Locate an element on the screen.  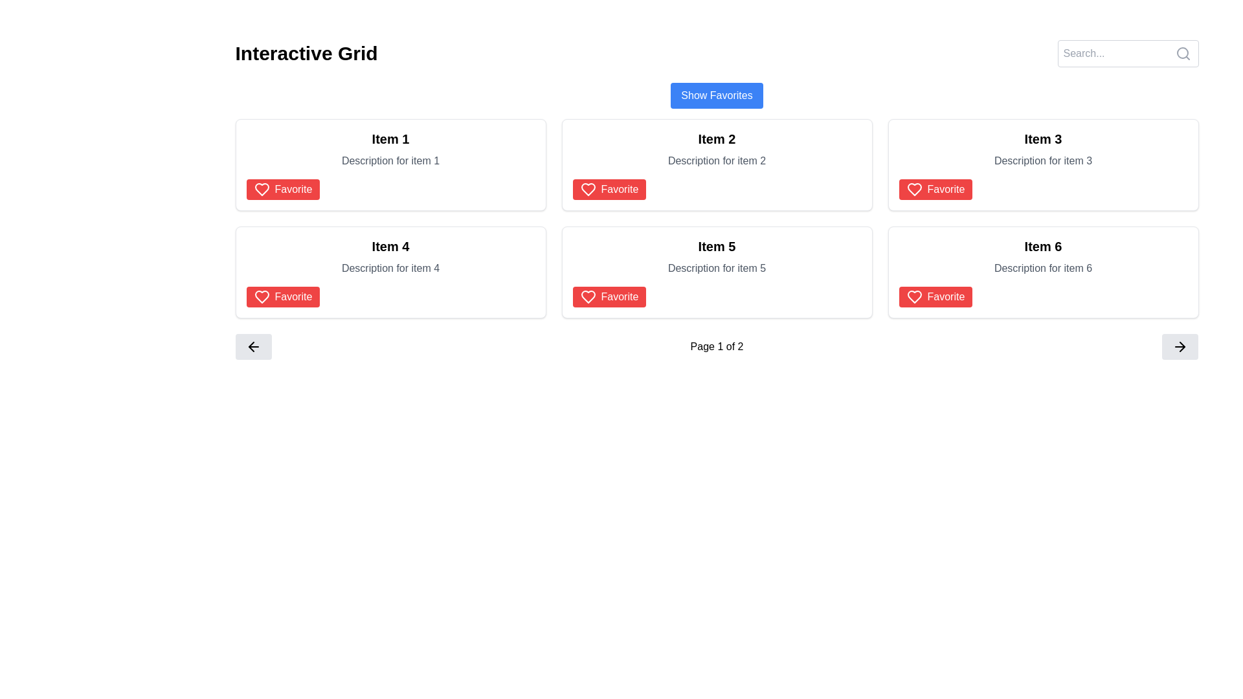
the icon within the 'Favorite' button located at the bottom-left corner of the card for 'Item 4' is located at coordinates (261, 297).